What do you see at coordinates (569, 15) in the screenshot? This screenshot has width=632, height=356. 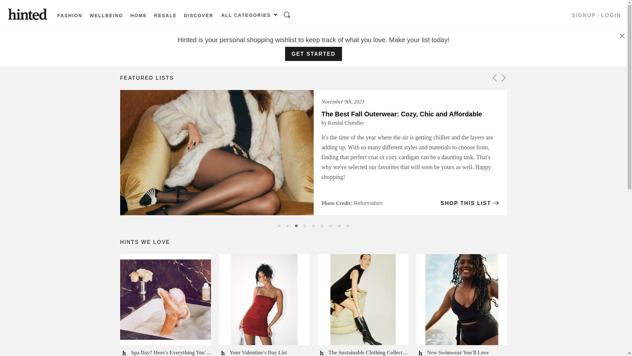 I see `'SIGNUP'` at bounding box center [569, 15].